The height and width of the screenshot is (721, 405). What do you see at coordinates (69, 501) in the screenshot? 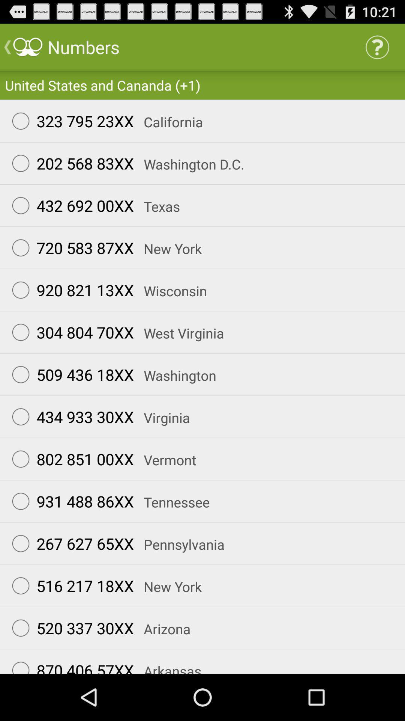
I see `the icon below the 802 851 00xx icon` at bounding box center [69, 501].